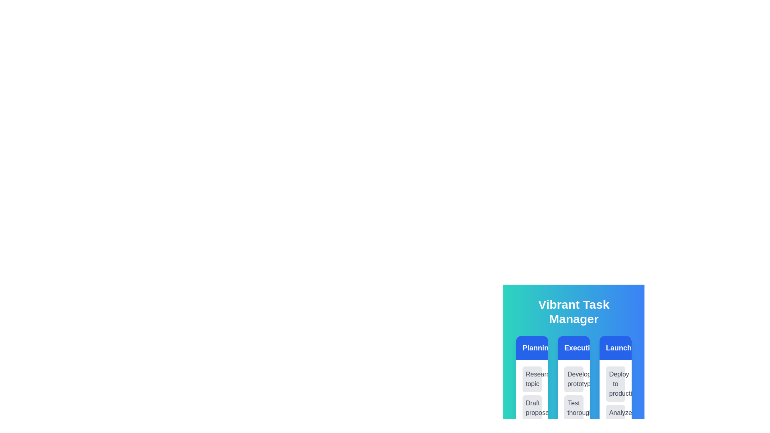  I want to click on the button-like text element with a blue background and the white text 'Launch' located in the top area of the third column in the task management interface, so click(615, 347).